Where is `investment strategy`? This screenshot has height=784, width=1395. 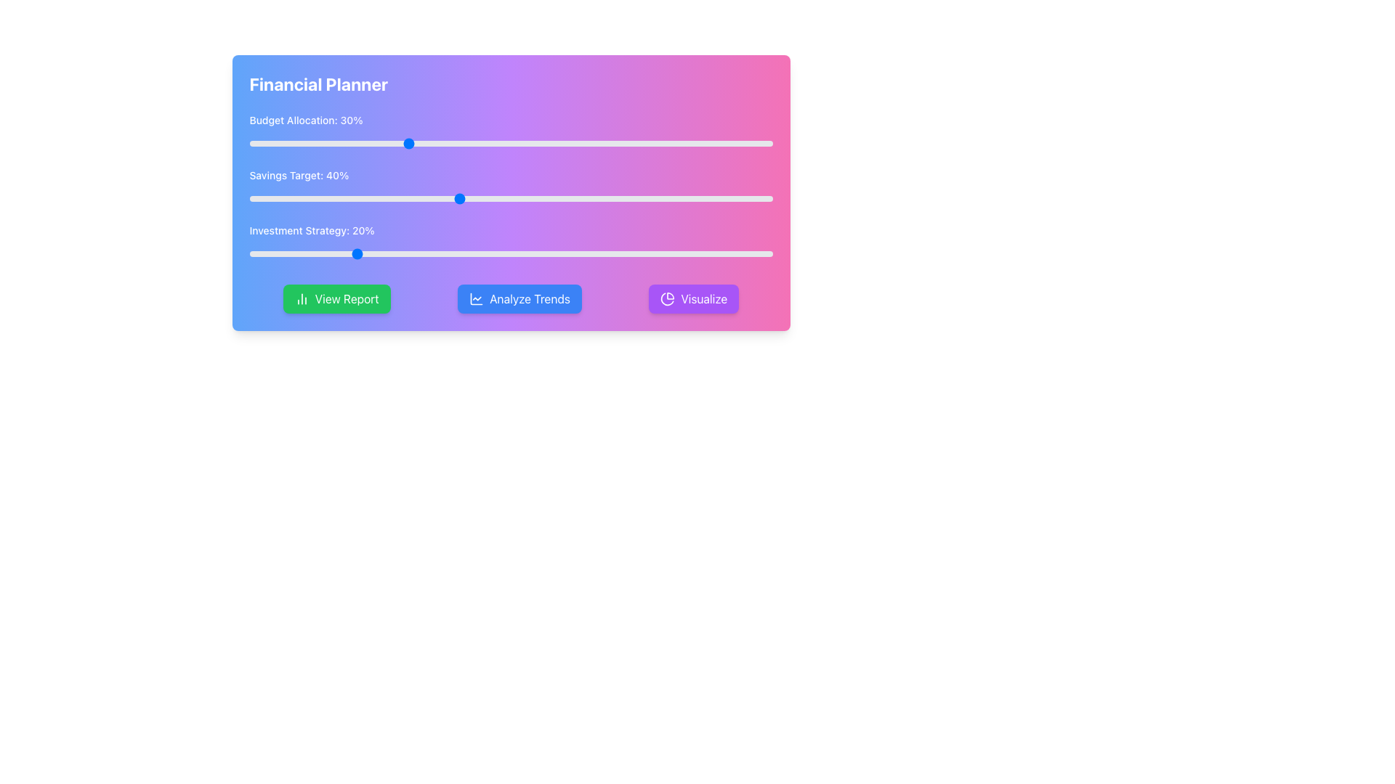 investment strategy is located at coordinates (270, 253).